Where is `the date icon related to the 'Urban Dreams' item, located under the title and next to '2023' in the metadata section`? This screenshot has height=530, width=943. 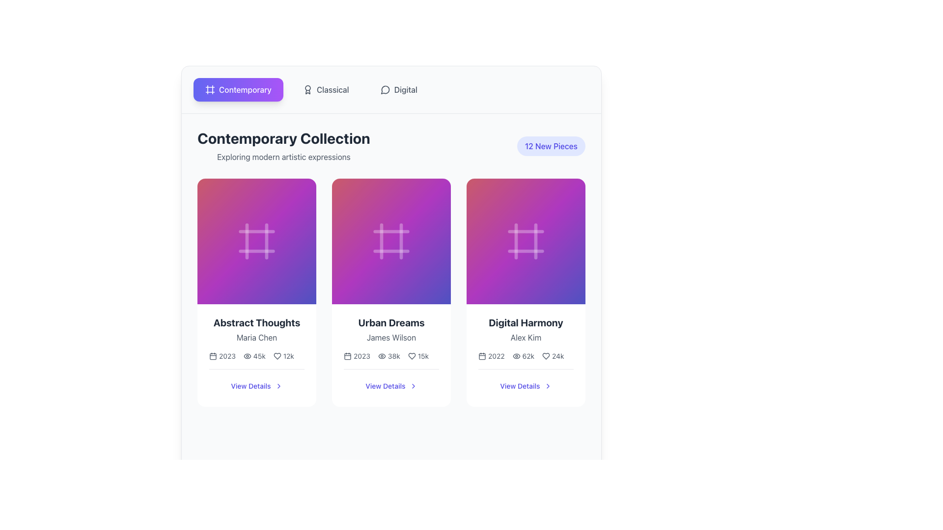
the date icon related to the 'Urban Dreams' item, located under the title and next to '2023' in the metadata section is located at coordinates (348, 356).